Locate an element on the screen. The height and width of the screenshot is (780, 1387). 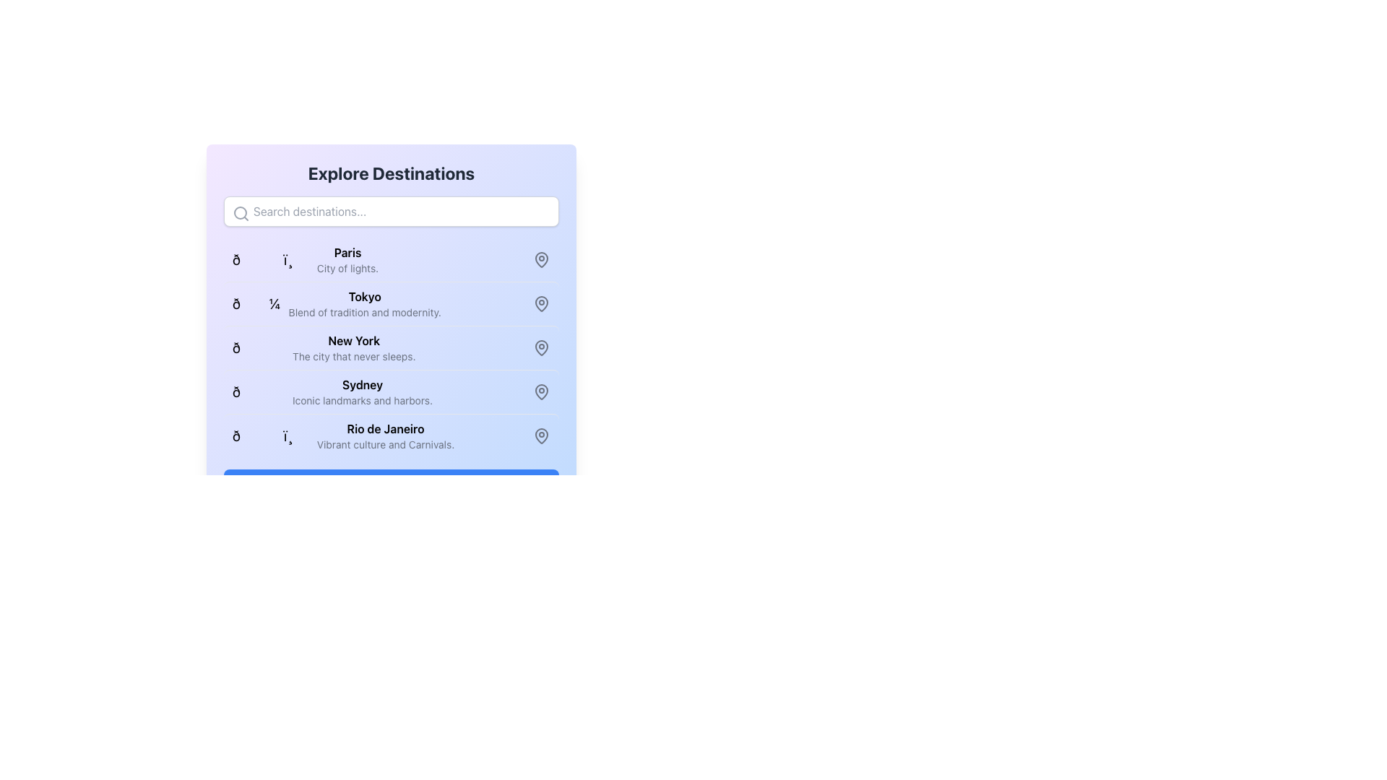
the list item for 'Rio de Janeiro', which features an emoji and descriptive text, located in the fifth row of the destination list is located at coordinates (342, 435).